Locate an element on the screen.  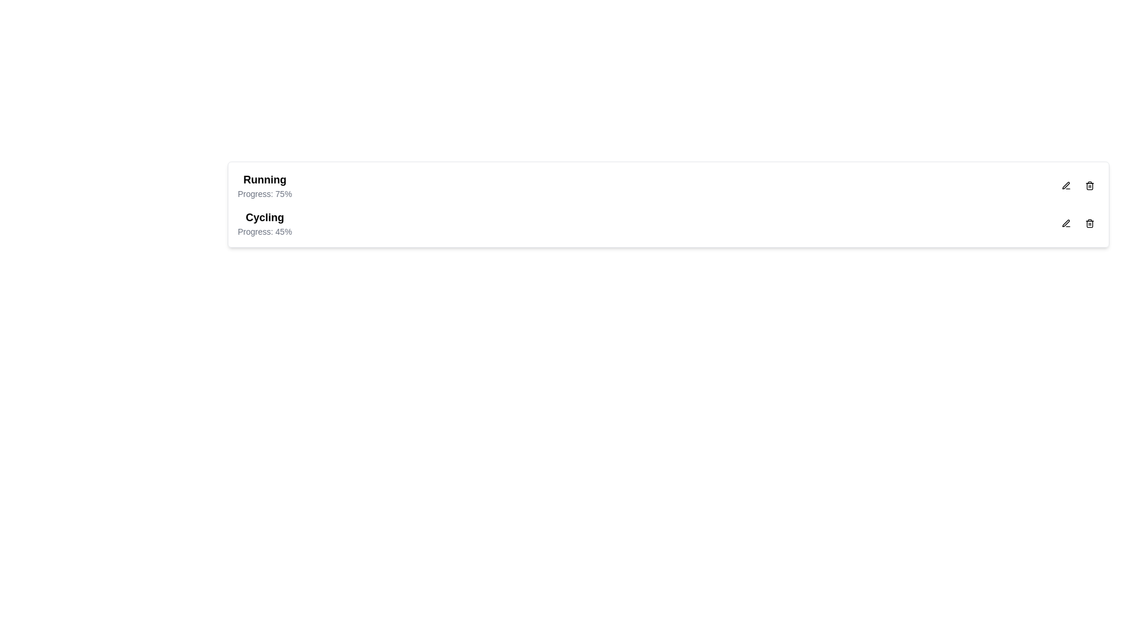
the edit button icon located in the top-right corner of the 'Running' row is located at coordinates (1066, 186).